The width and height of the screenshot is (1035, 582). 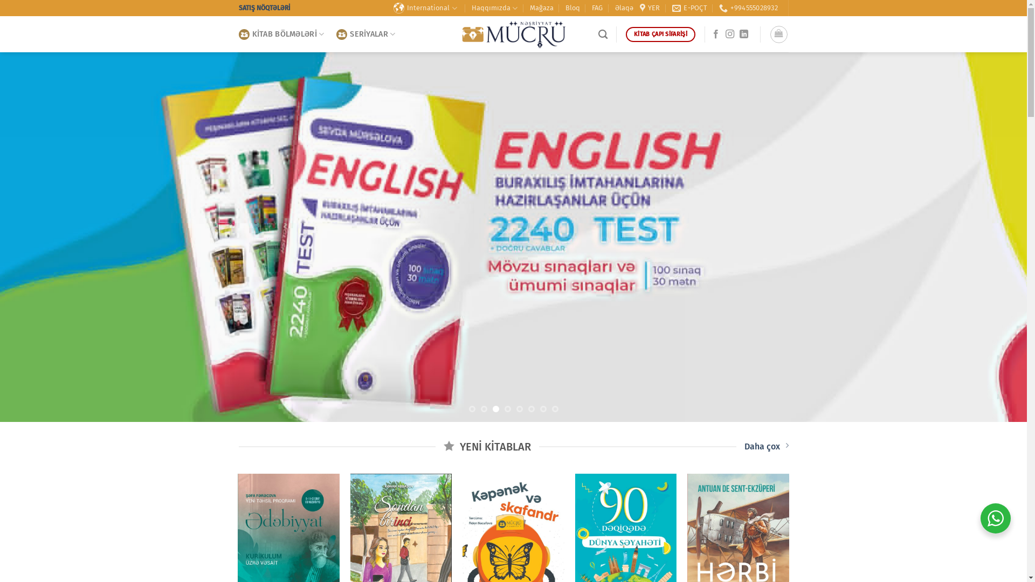 What do you see at coordinates (748, 8) in the screenshot?
I see `'+994555028932'` at bounding box center [748, 8].